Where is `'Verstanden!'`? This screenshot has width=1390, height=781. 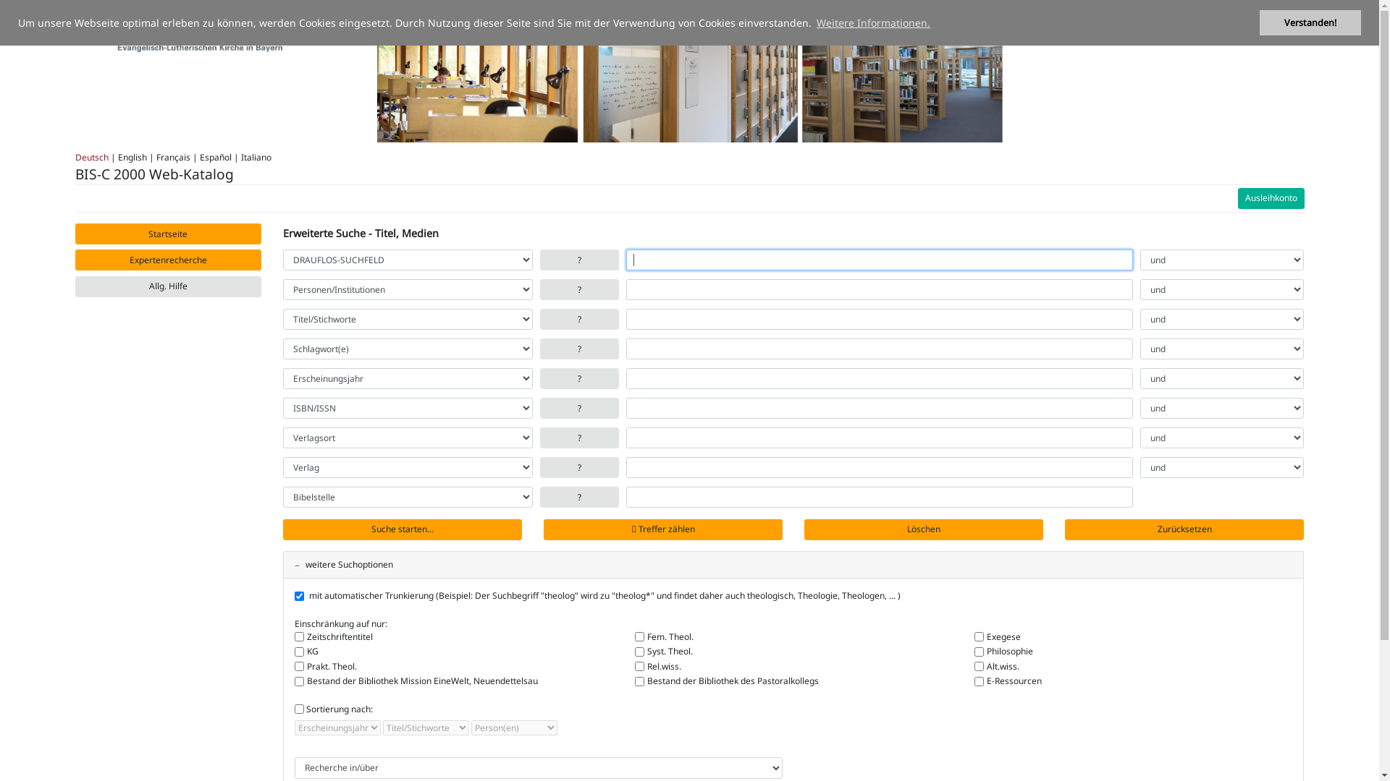
'Verstanden!' is located at coordinates (1310, 22).